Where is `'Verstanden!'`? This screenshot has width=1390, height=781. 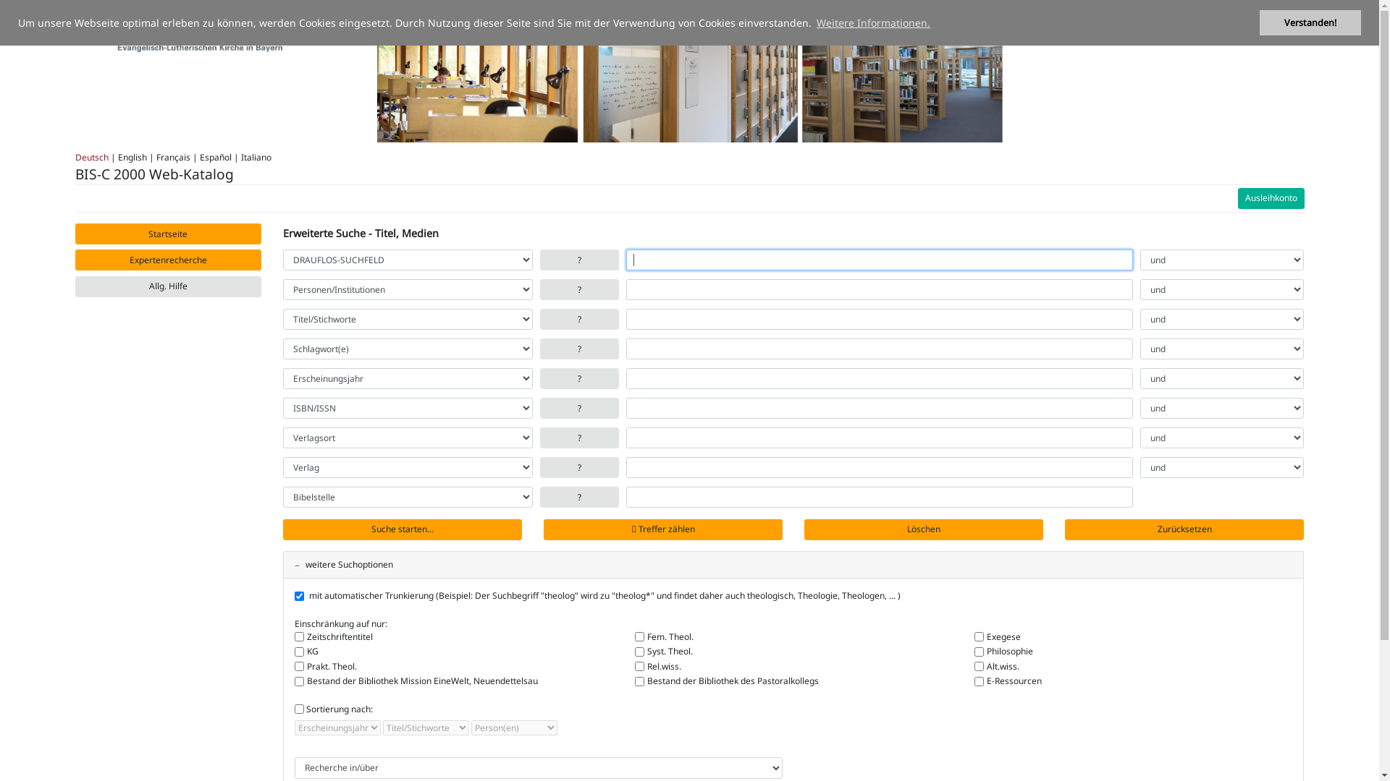
'Verstanden!' is located at coordinates (1310, 22).